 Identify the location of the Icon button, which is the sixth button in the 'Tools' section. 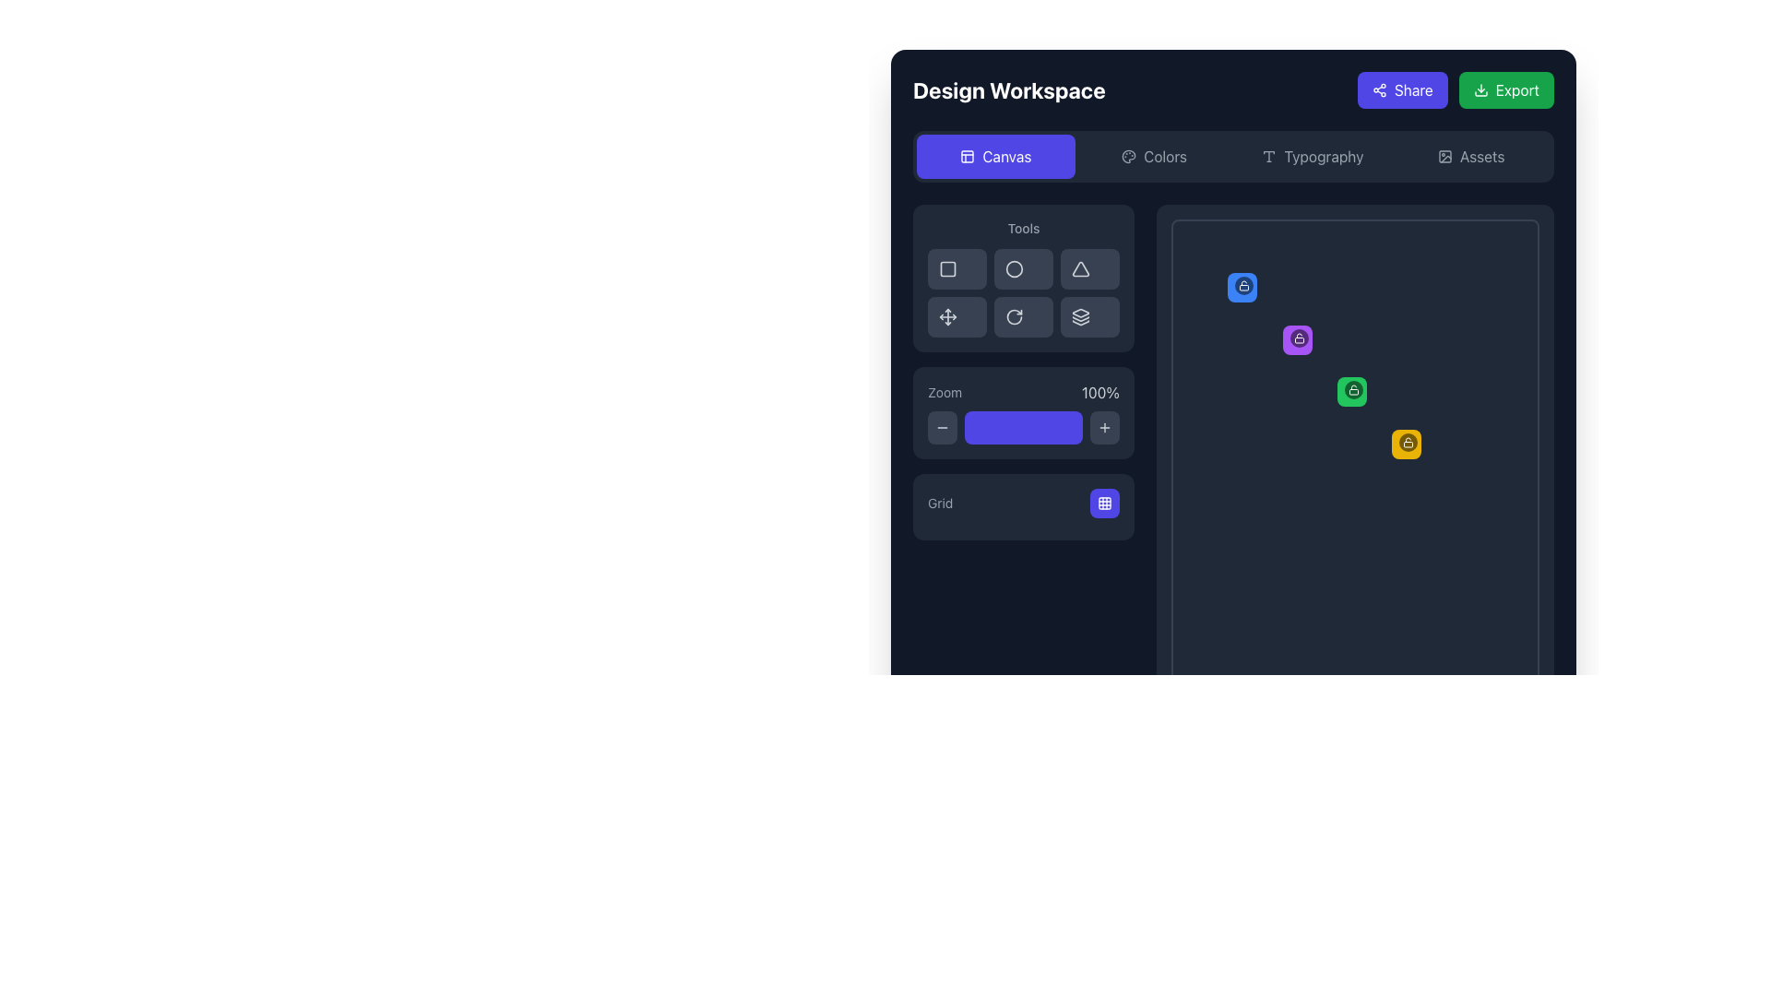
(1080, 315).